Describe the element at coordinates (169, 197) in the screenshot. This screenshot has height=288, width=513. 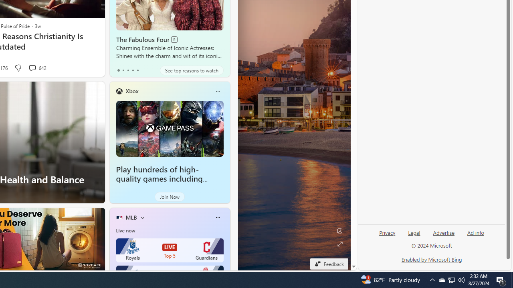
I see `'Join Now'` at that location.